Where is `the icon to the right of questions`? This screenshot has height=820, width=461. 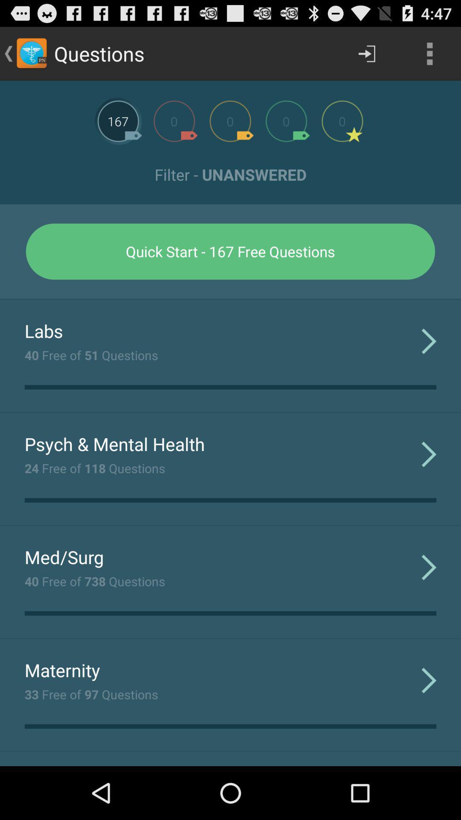
the icon to the right of questions is located at coordinates (366, 53).